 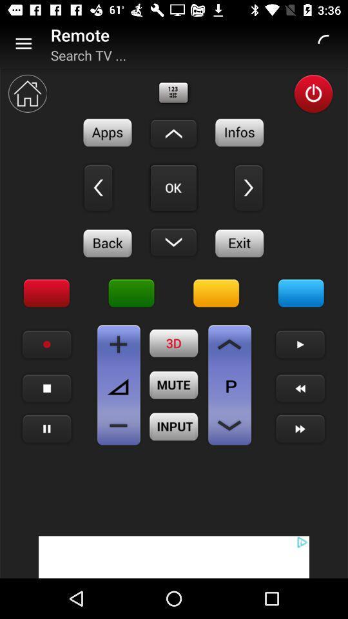 What do you see at coordinates (119, 344) in the screenshot?
I see `increase volume` at bounding box center [119, 344].